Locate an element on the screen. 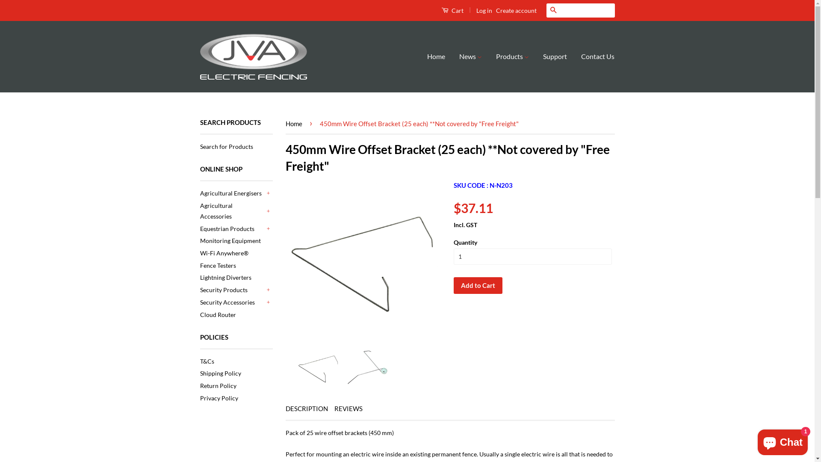  'Lightning Diverters' is located at coordinates (199, 277).